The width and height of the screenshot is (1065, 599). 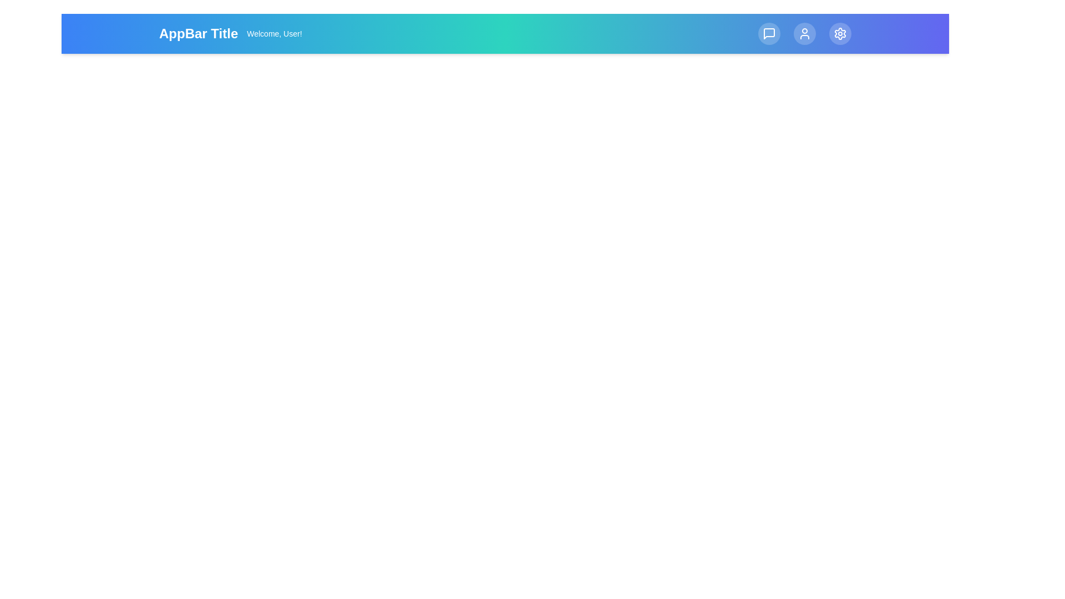 I want to click on the 'Messages' button, so click(x=769, y=33).